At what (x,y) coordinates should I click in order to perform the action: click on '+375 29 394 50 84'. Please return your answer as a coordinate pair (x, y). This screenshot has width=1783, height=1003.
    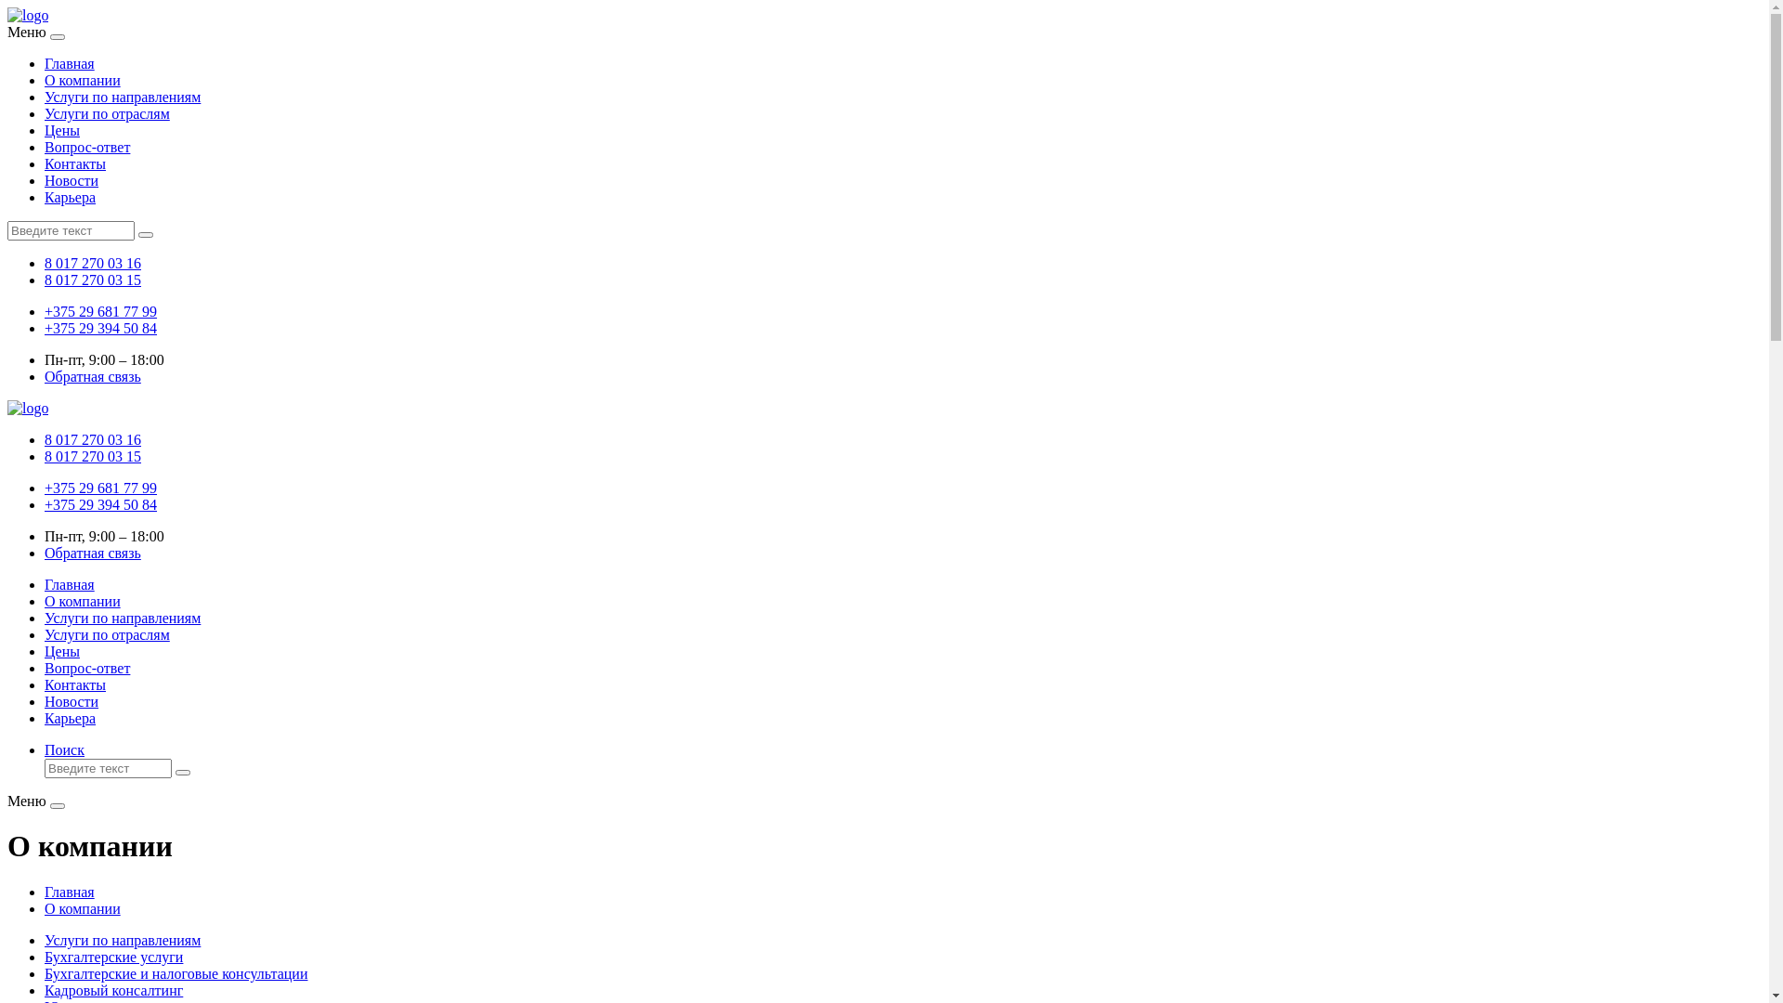
    Looking at the image, I should click on (99, 327).